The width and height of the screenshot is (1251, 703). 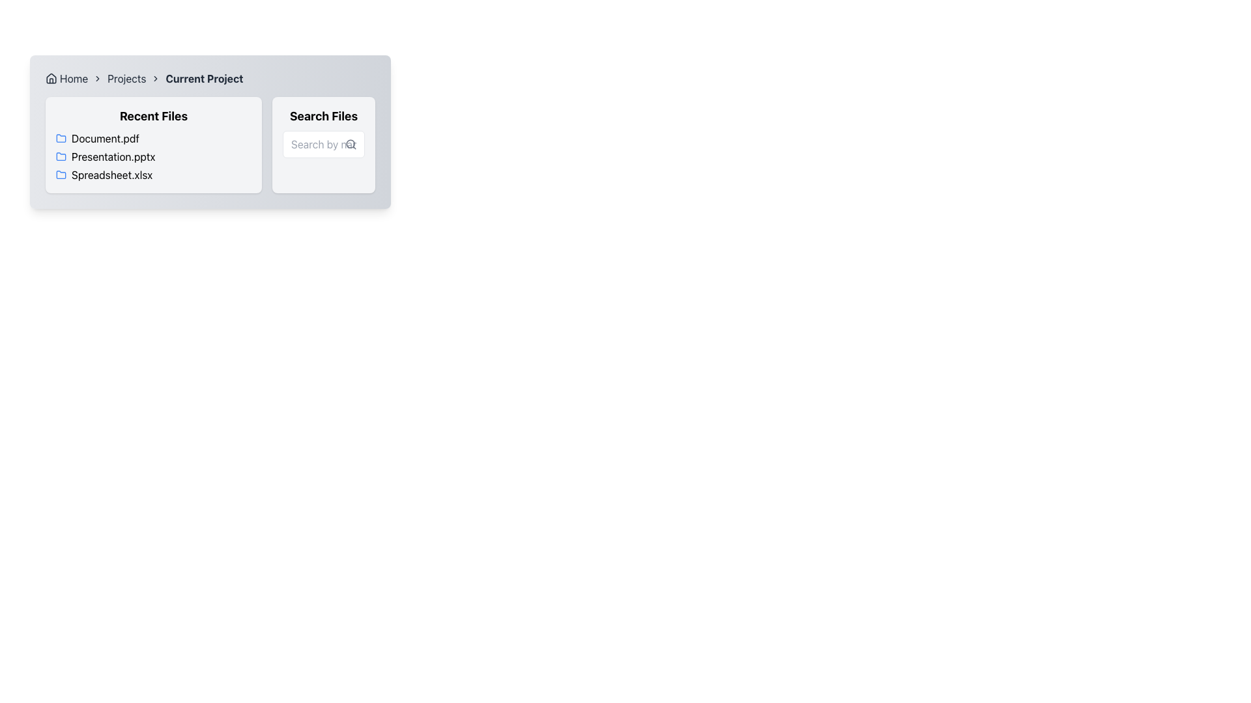 What do you see at coordinates (153, 156) in the screenshot?
I see `the List Item displaying 'Presentation.pptx' in the Recent Files section` at bounding box center [153, 156].